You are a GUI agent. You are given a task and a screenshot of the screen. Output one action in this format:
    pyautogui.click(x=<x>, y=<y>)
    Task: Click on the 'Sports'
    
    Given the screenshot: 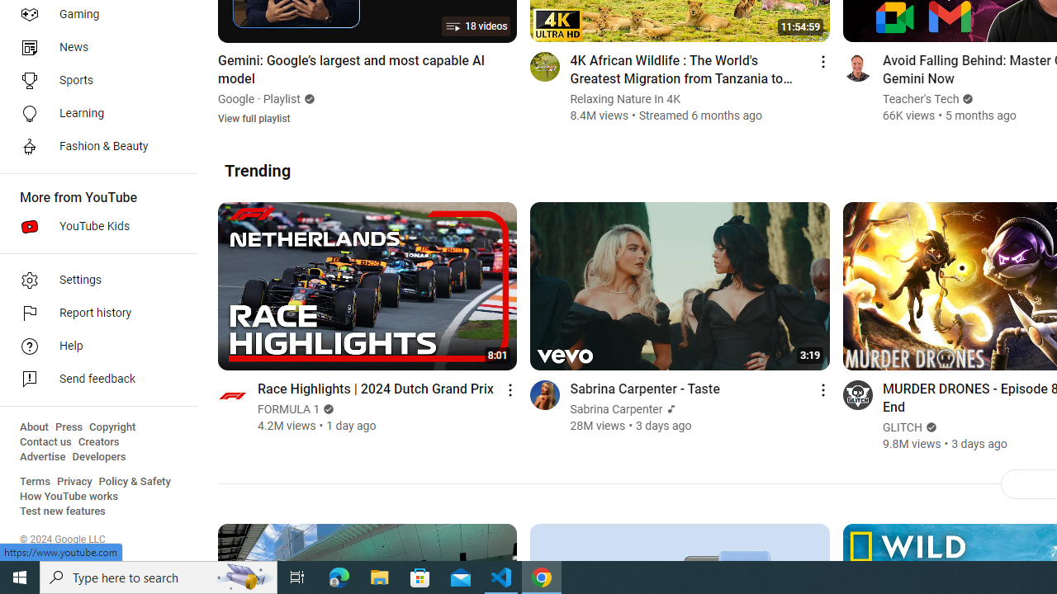 What is the action you would take?
    pyautogui.click(x=92, y=80)
    